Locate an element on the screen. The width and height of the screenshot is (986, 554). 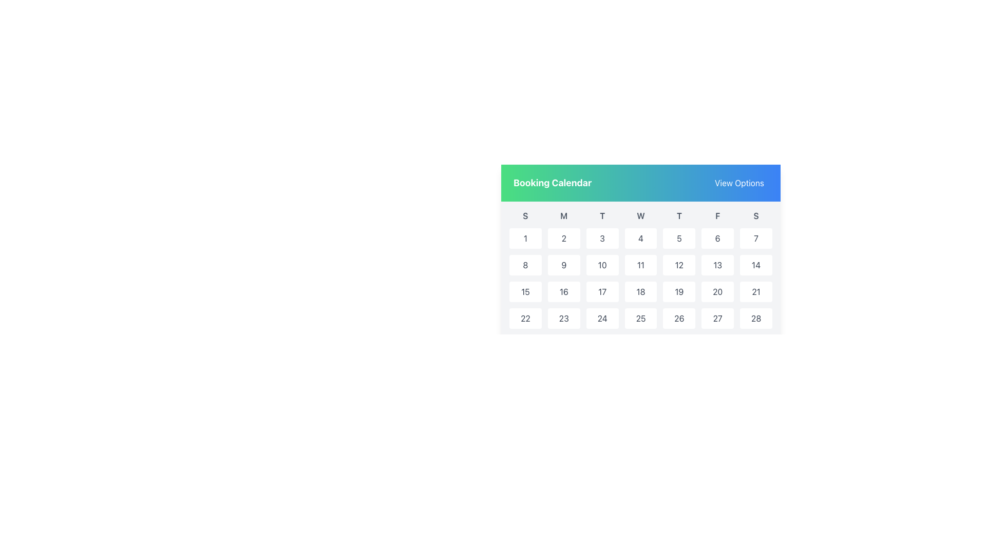
the bold, centered letter 'F' in dark gray color, which represents 'Friday' in the calendar header's days of the week layout is located at coordinates (717, 215).